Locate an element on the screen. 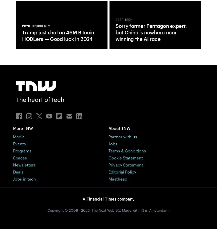 The height and width of the screenshot is (229, 217). 'Programs' is located at coordinates (22, 150).